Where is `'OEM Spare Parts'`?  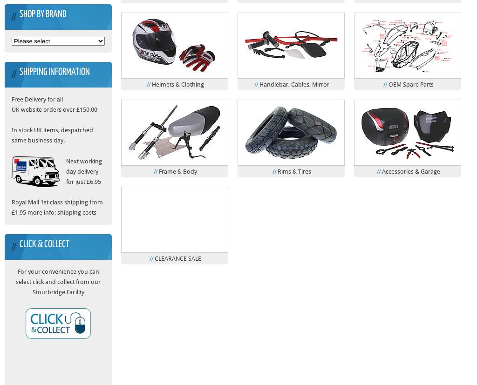
'OEM Spare Parts' is located at coordinates (410, 83).